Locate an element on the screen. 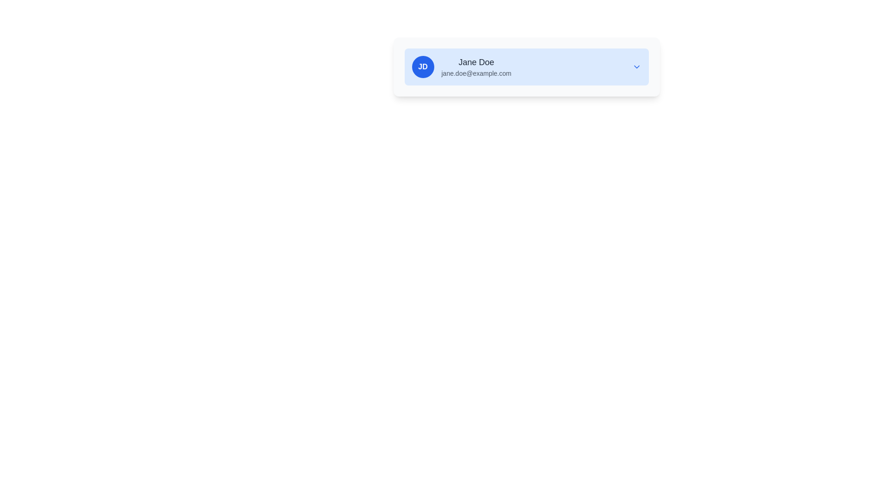  the email address 'jane.doe@example.com' styled in a smaller gray font, located below 'Jane Doe' within a light blue background card is located at coordinates (476, 73).